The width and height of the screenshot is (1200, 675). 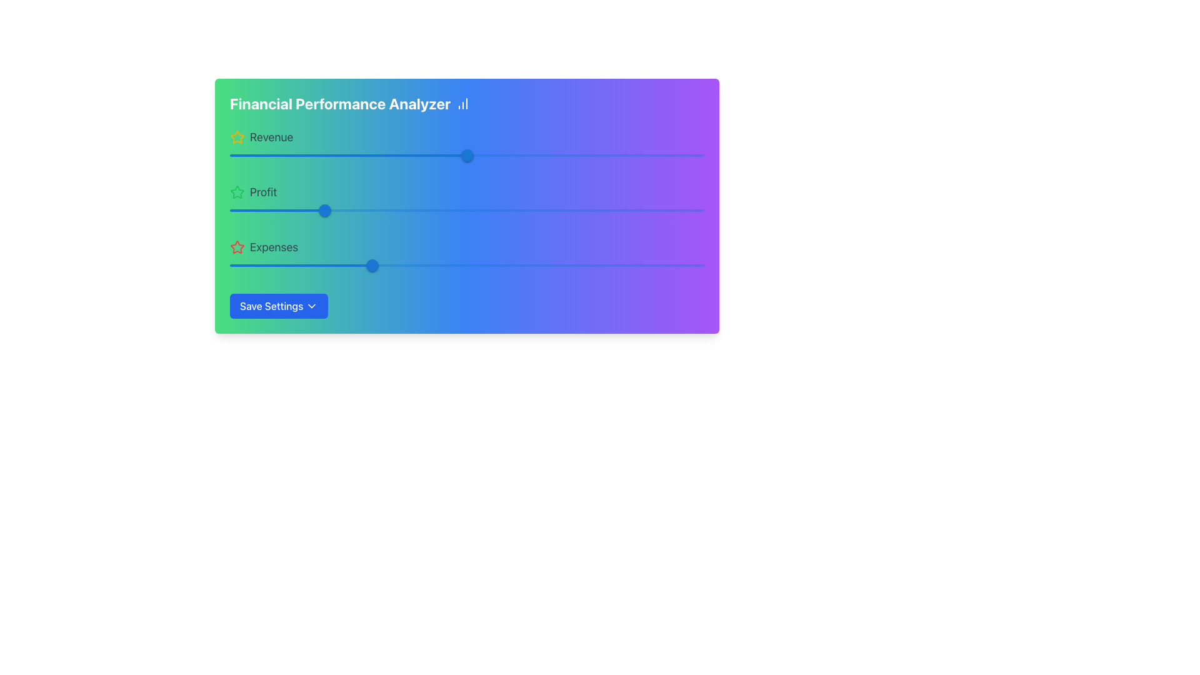 I want to click on slider value, so click(x=318, y=209).